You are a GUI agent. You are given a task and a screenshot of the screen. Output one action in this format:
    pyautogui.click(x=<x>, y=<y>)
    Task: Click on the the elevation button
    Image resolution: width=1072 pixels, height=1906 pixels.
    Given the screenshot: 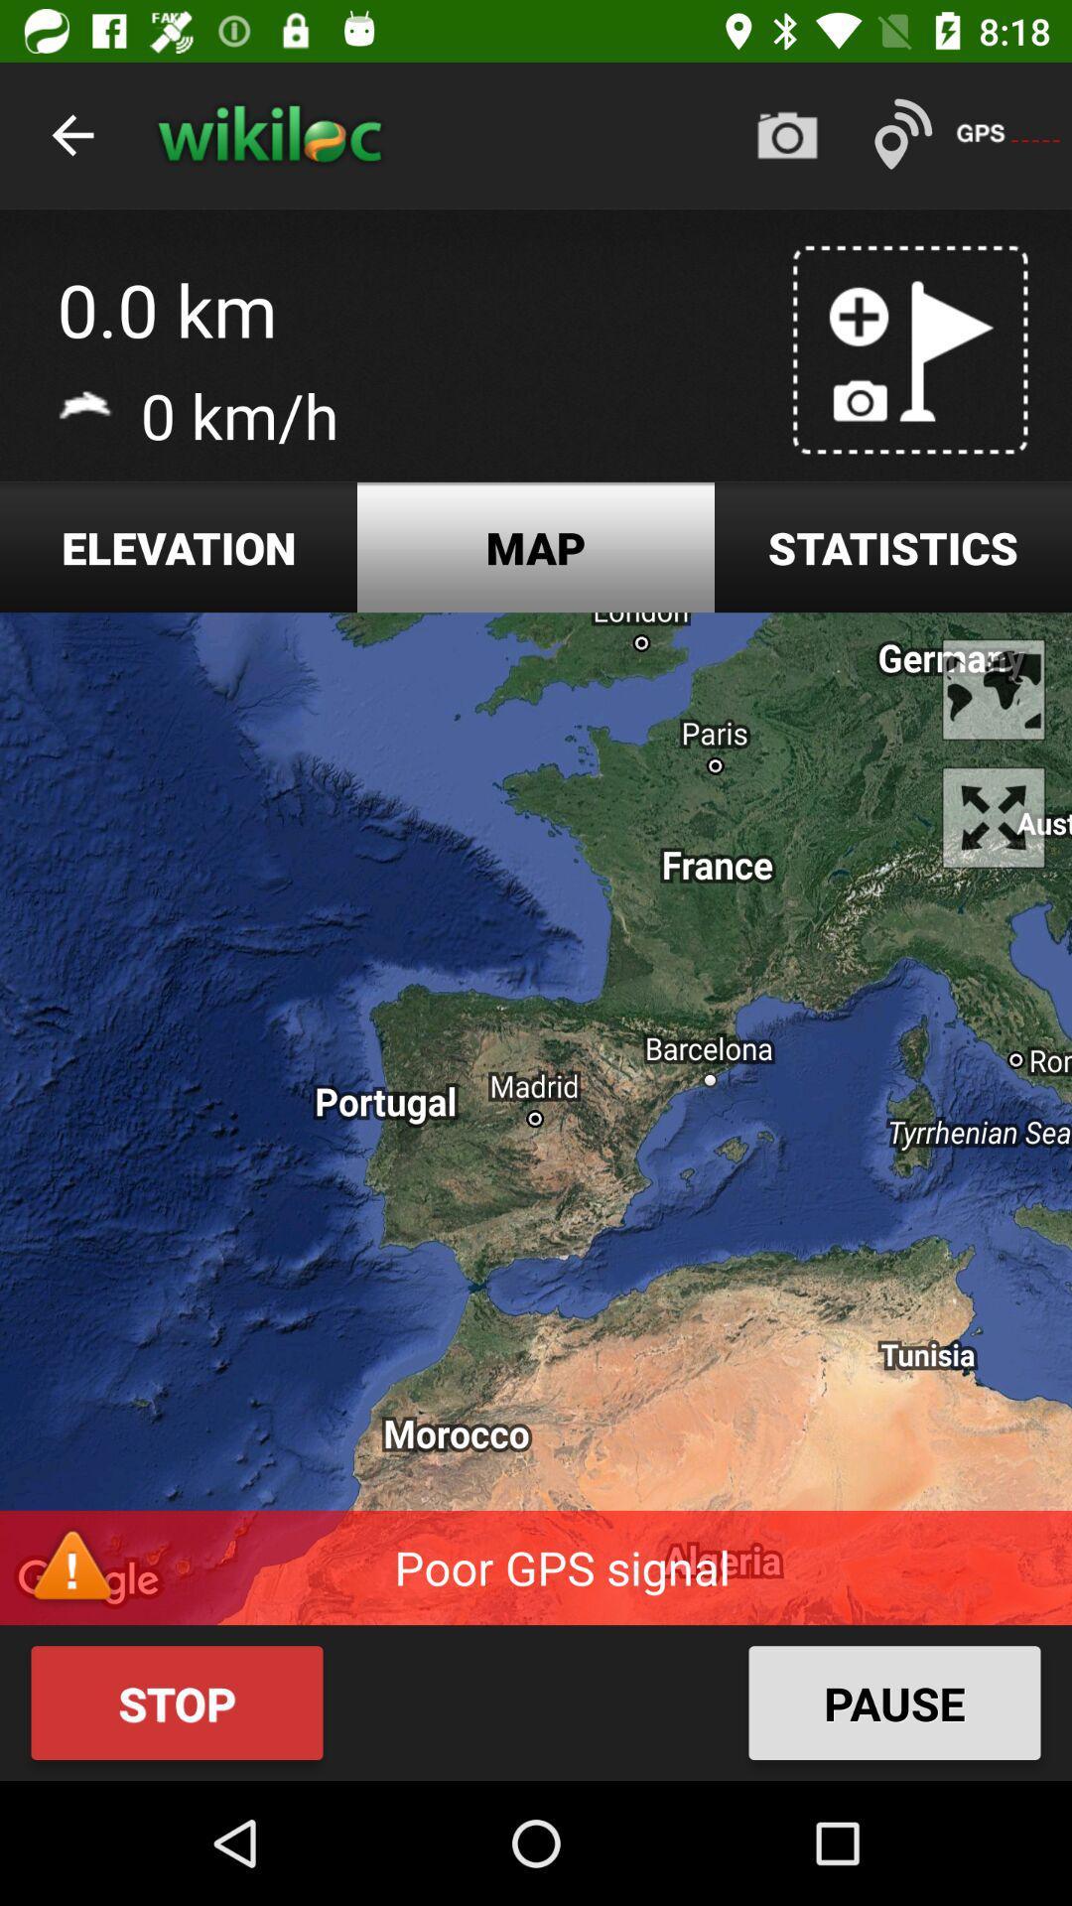 What is the action you would take?
    pyautogui.click(x=179, y=547)
    